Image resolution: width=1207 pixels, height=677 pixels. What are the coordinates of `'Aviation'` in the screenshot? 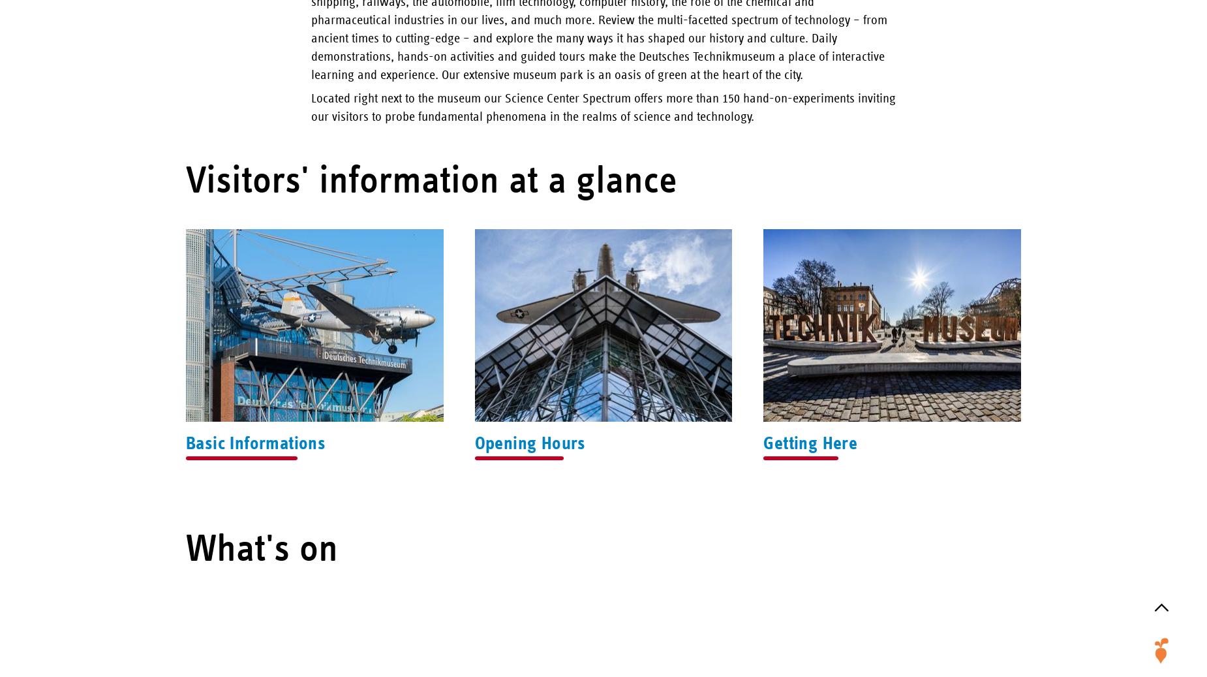 It's located at (1161, 513).